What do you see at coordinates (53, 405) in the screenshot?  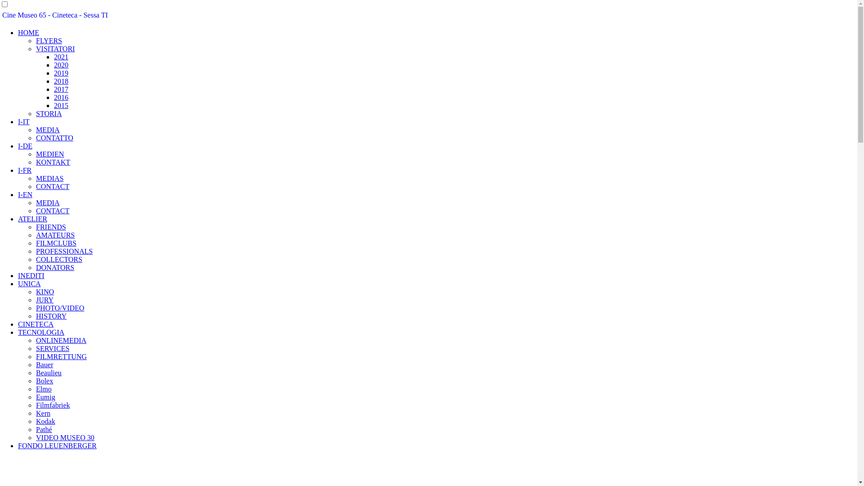 I see `'Filmfabriek'` at bounding box center [53, 405].